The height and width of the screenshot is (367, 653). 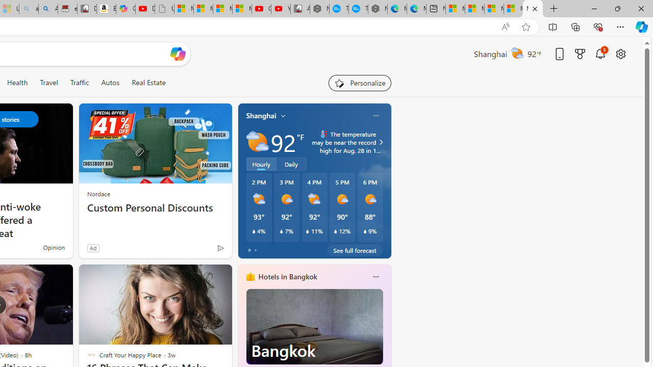 I want to click on 'Traffic', so click(x=79, y=82).